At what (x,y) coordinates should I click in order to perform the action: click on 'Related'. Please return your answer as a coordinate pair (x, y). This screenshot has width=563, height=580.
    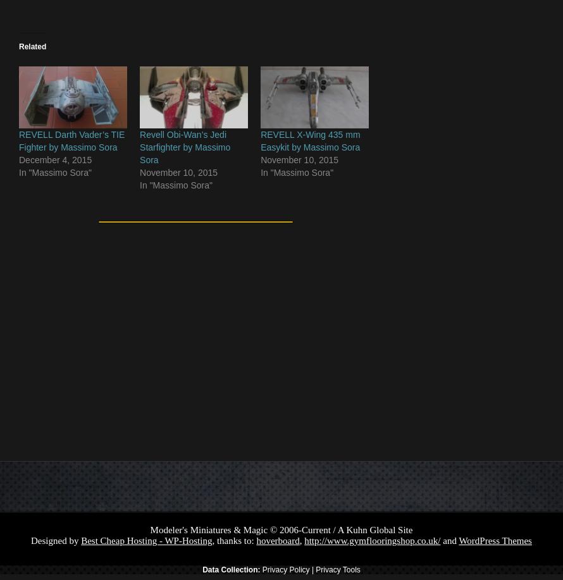
    Looking at the image, I should click on (32, 45).